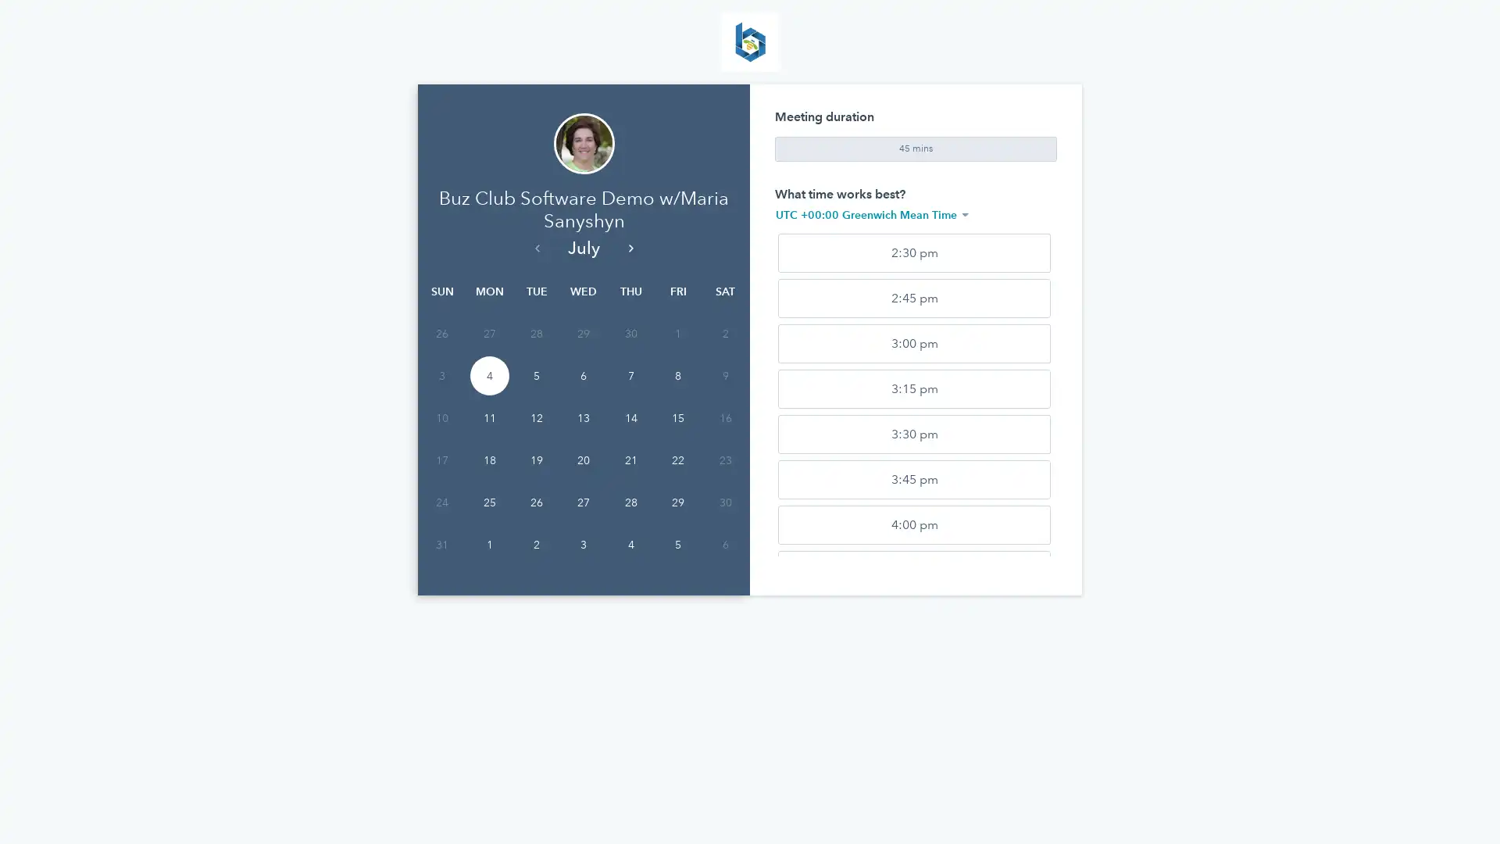  What do you see at coordinates (487, 460) in the screenshot?
I see `July 18th` at bounding box center [487, 460].